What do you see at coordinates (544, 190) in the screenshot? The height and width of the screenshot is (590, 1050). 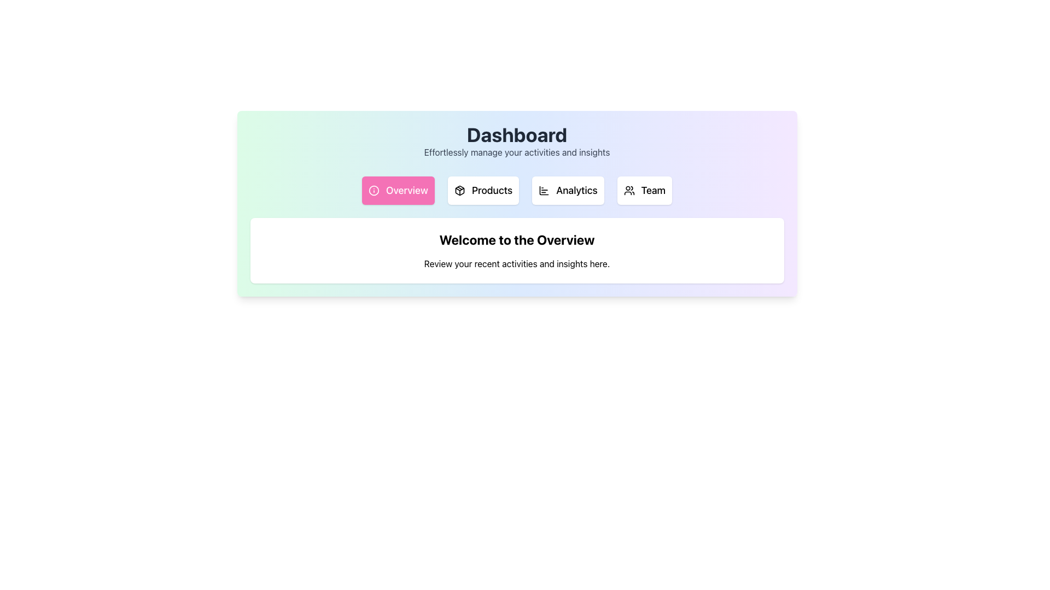 I see `the vertical bar chart icon, which is part of an SVG graphic depicting a left-aligned vertical line with shorter horizontal bars extending to its right at three levels, located near the top-center of the interface adjacent to the 'Analytics' label` at bounding box center [544, 190].